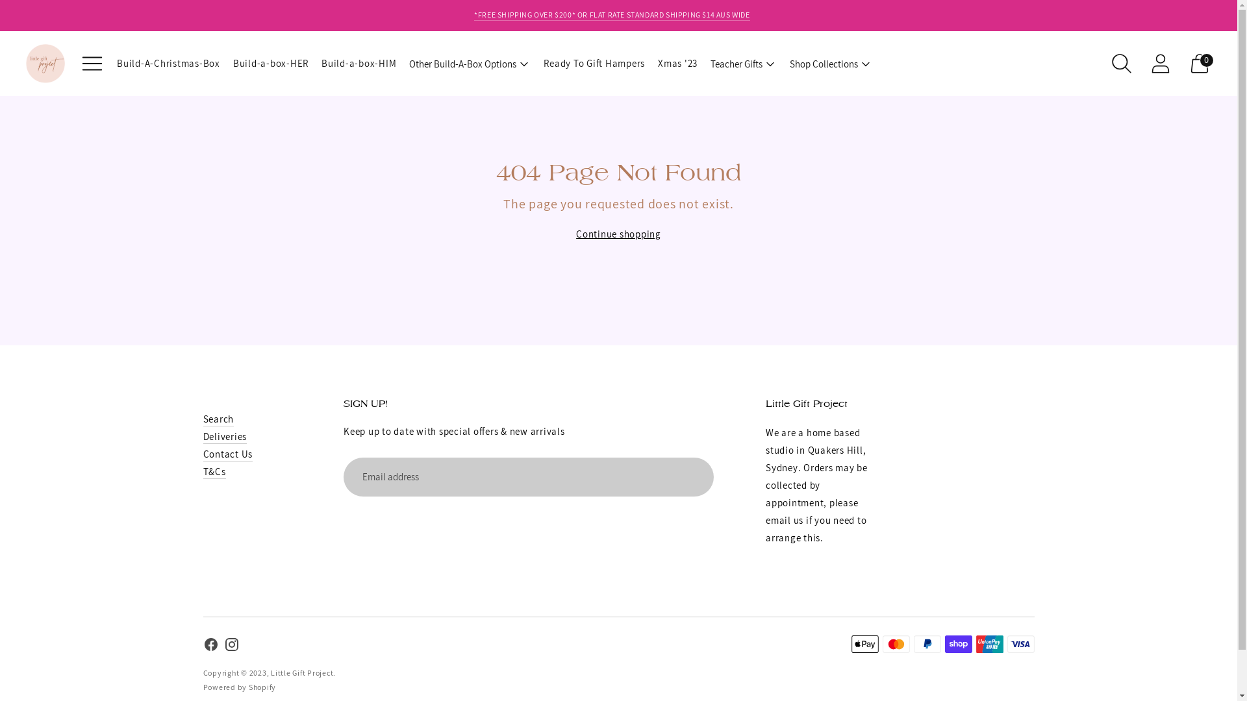 This screenshot has height=701, width=1247. I want to click on 'Powered by Shopify', so click(202, 686).